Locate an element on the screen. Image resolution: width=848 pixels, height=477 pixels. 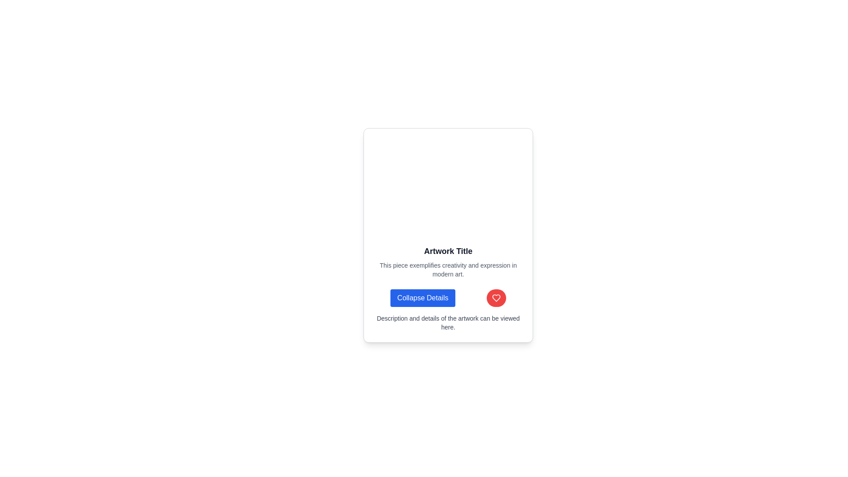
the button located at the bottom of the card layout is located at coordinates (448, 298).